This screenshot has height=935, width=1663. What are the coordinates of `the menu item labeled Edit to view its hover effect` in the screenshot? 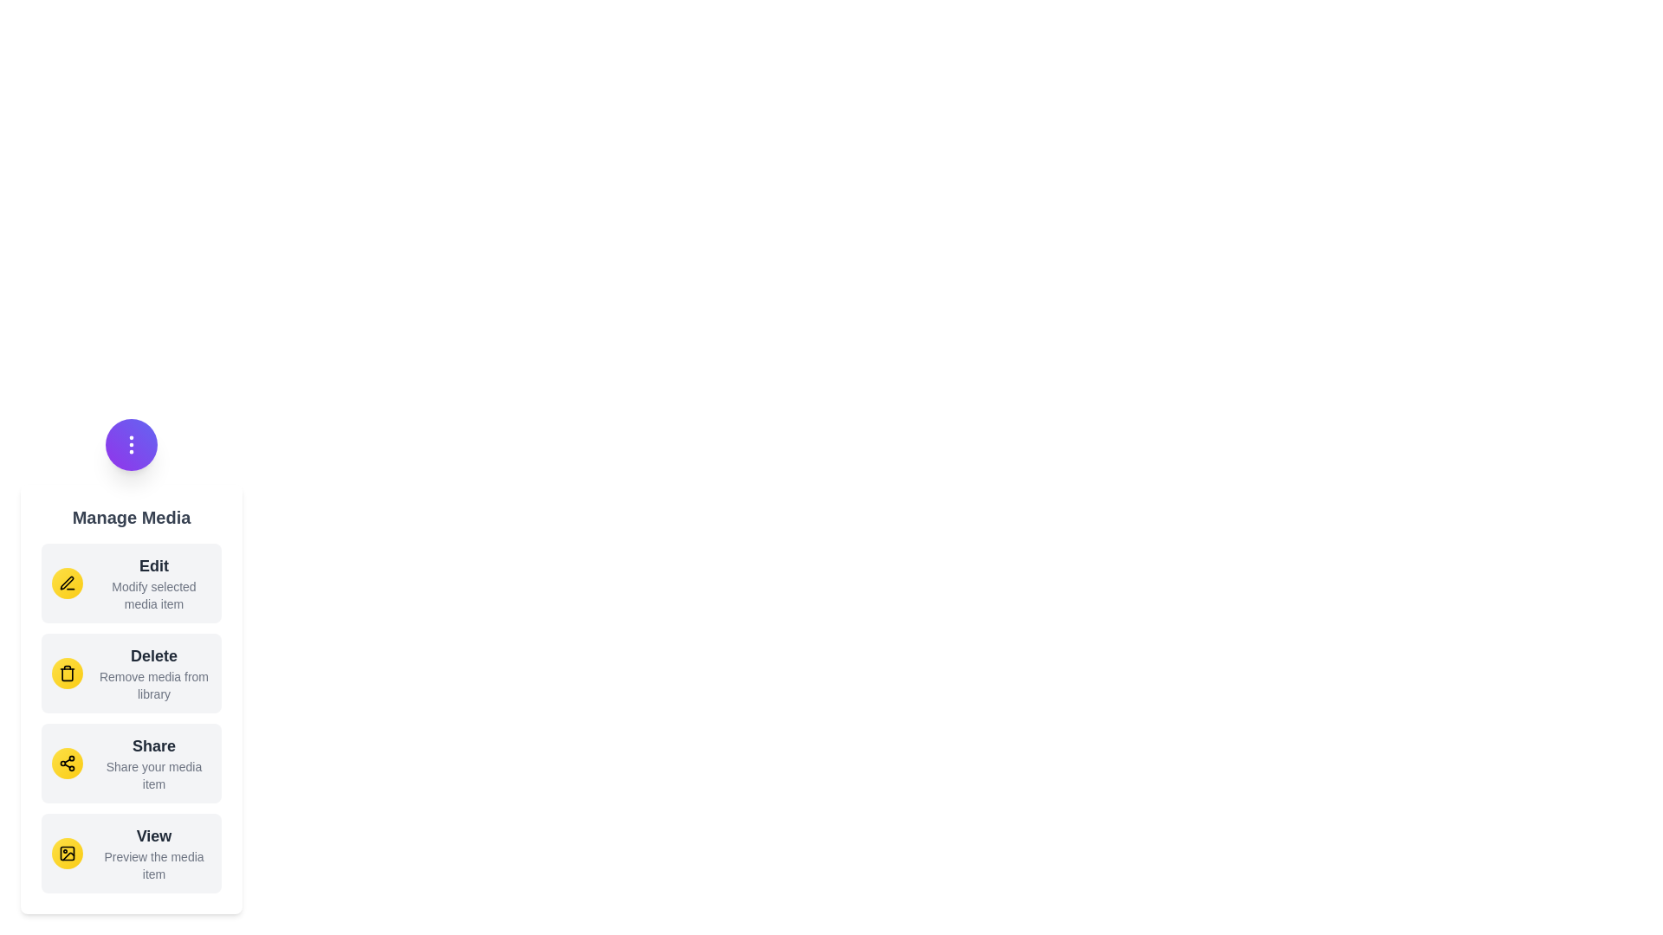 It's located at (131, 584).